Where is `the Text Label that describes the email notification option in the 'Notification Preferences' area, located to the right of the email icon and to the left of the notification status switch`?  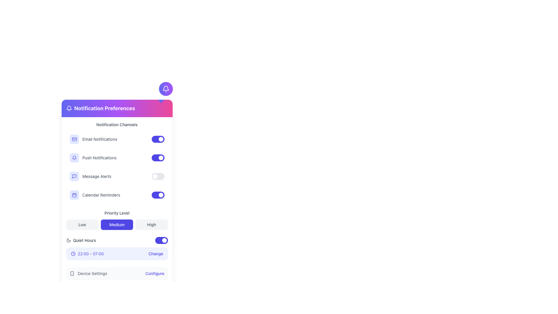
the Text Label that describes the email notification option in the 'Notification Preferences' area, located to the right of the email icon and to the left of the notification status switch is located at coordinates (100, 139).